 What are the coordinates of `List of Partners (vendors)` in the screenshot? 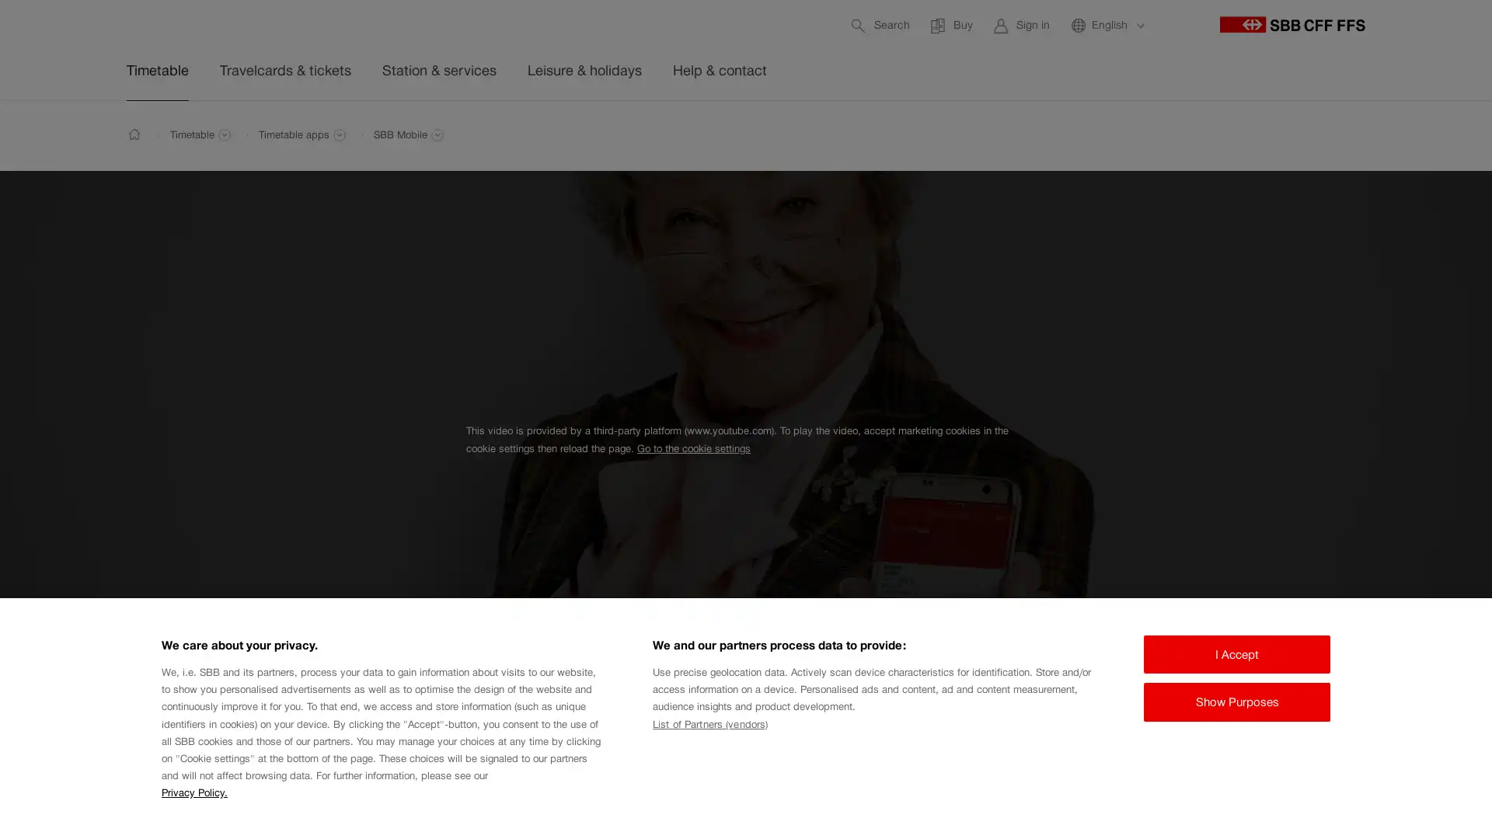 It's located at (709, 724).